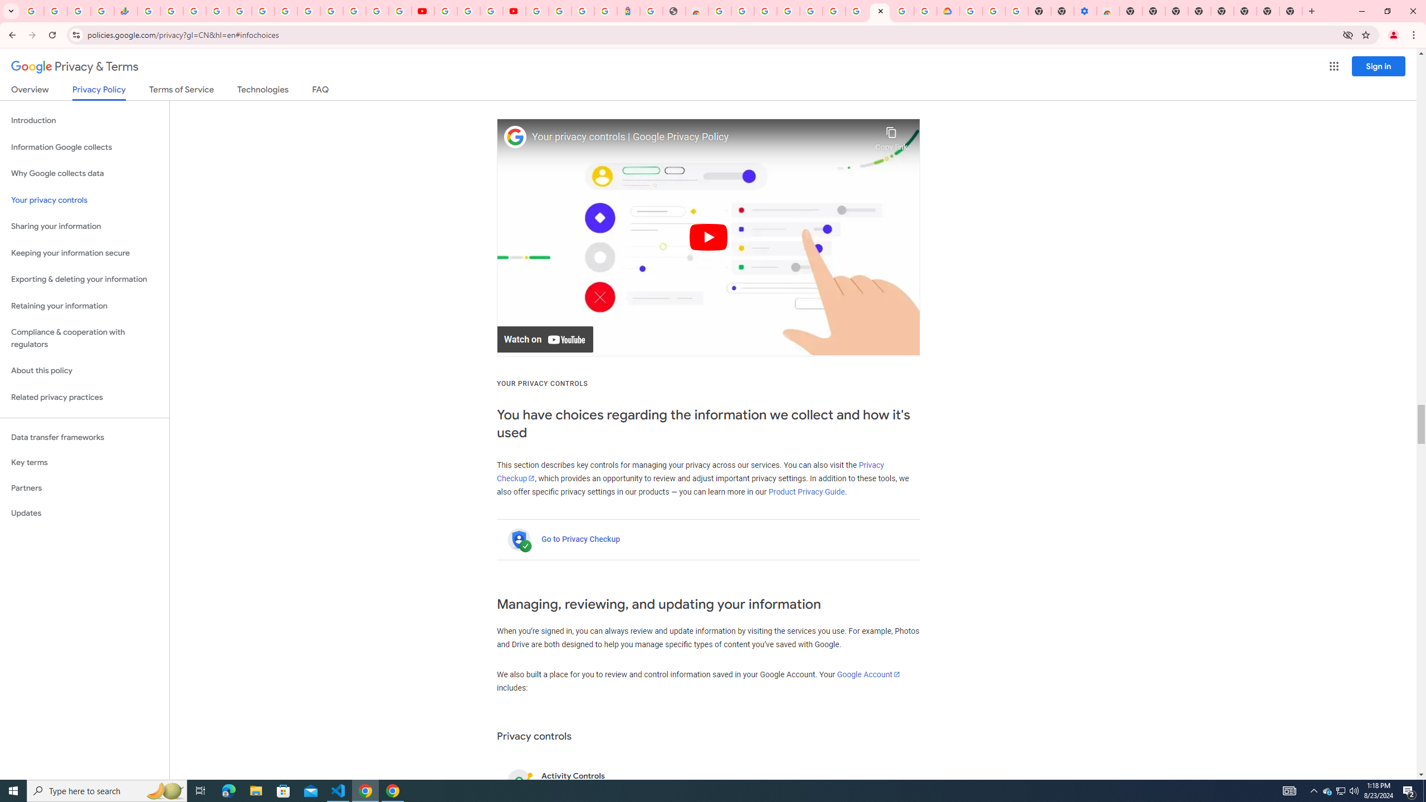  I want to click on 'Photo image of Google', so click(515, 136).